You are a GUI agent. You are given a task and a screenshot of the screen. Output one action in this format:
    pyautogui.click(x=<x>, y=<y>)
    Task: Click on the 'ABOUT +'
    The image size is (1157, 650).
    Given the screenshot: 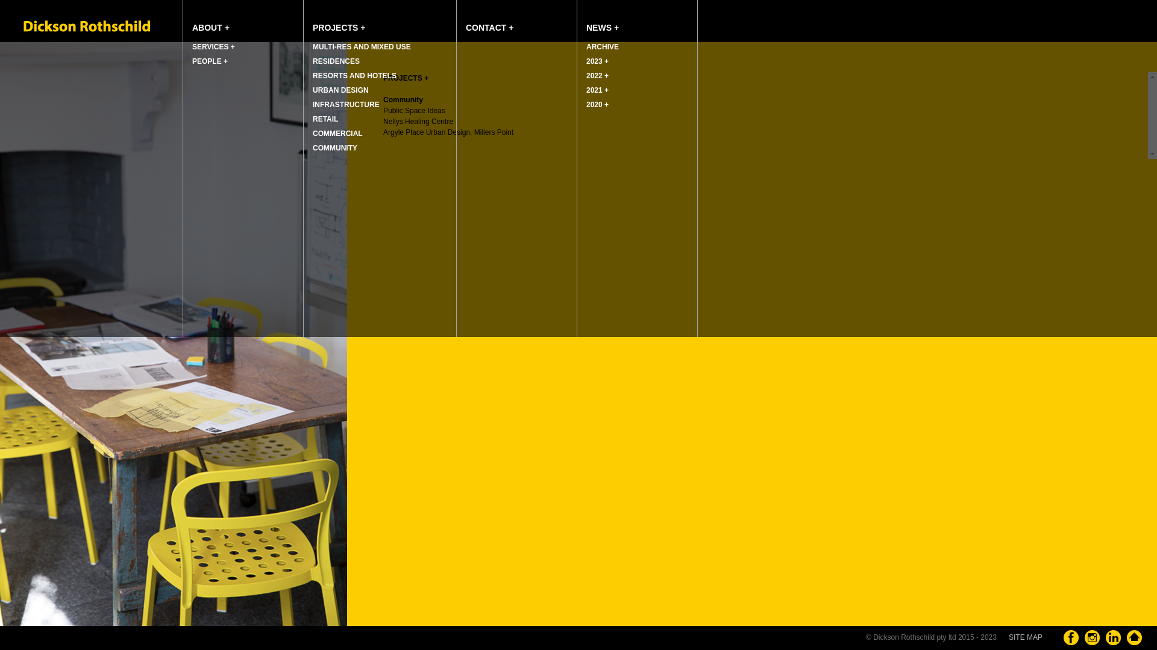 What is the action you would take?
    pyautogui.click(x=182, y=20)
    